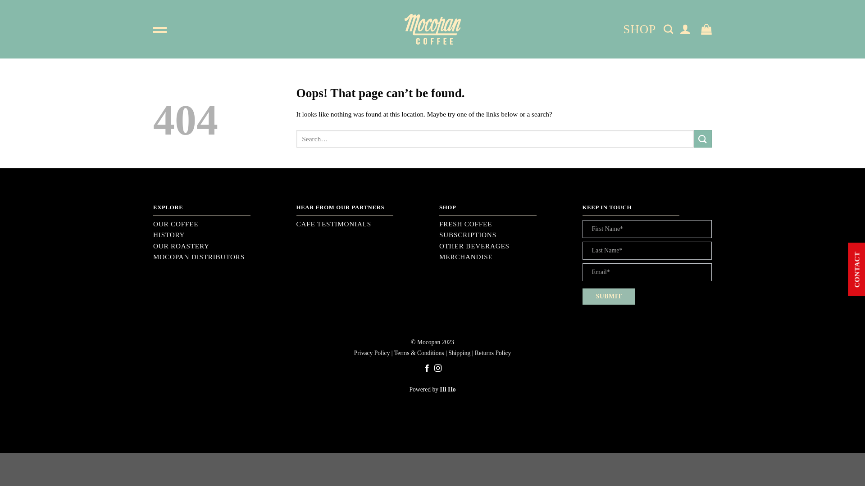 This screenshot has height=486, width=865. What do you see at coordinates (432, 29) in the screenshot?
I see `'Mocopan - Coffee Roasters'` at bounding box center [432, 29].